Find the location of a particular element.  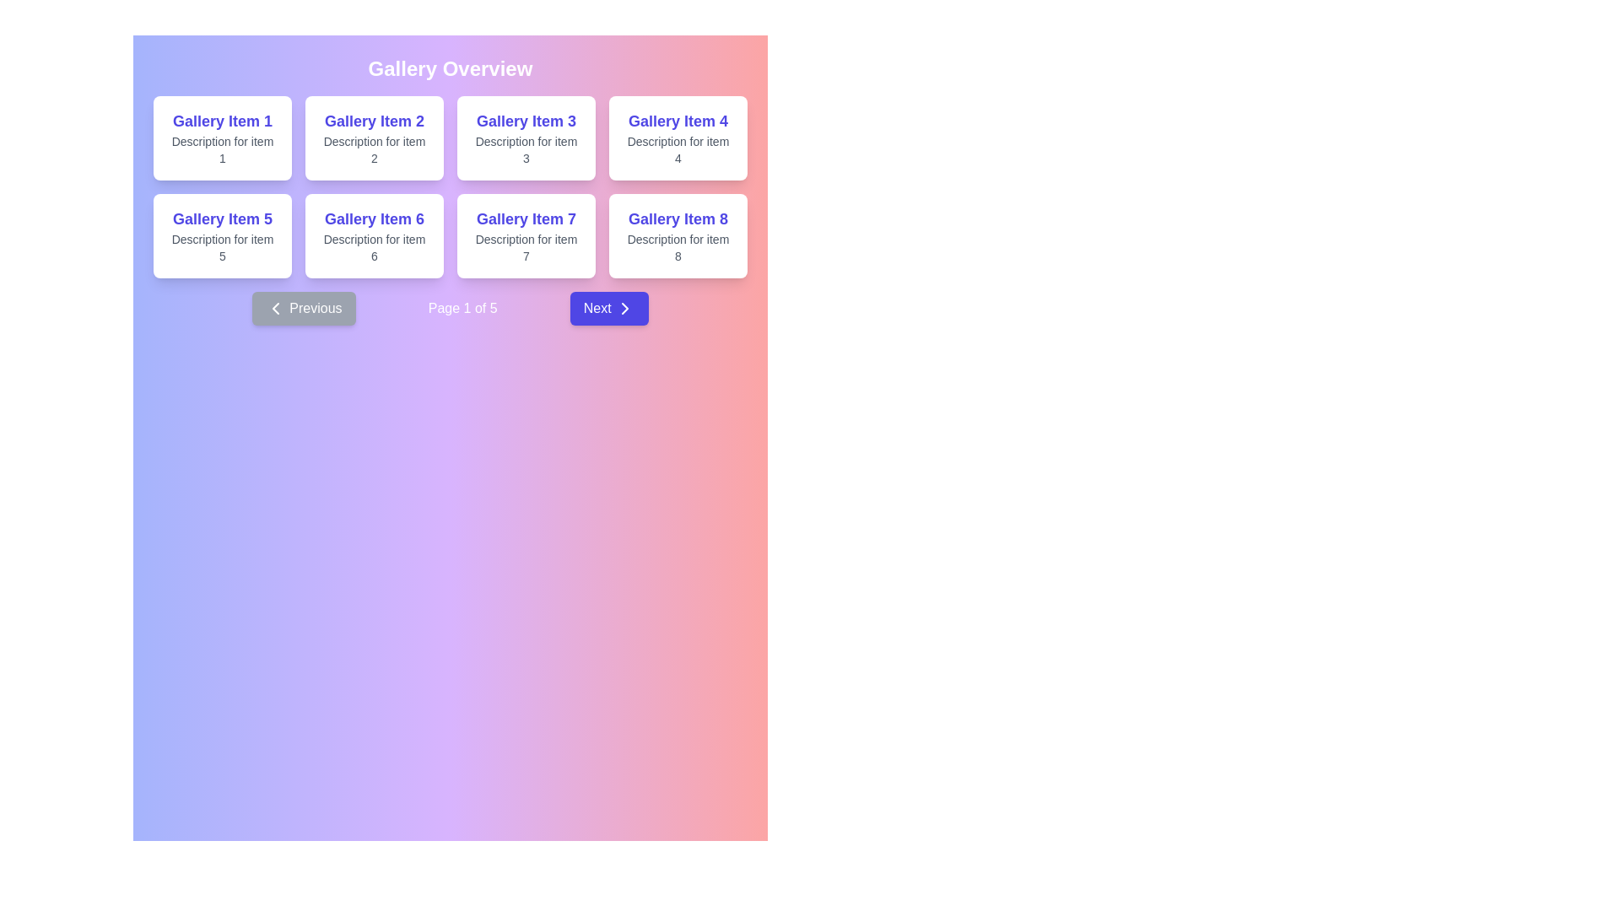

the visual presentation card located in the second row, first column of the gallery grid, which provides a title and description for an item is located at coordinates (222, 236).